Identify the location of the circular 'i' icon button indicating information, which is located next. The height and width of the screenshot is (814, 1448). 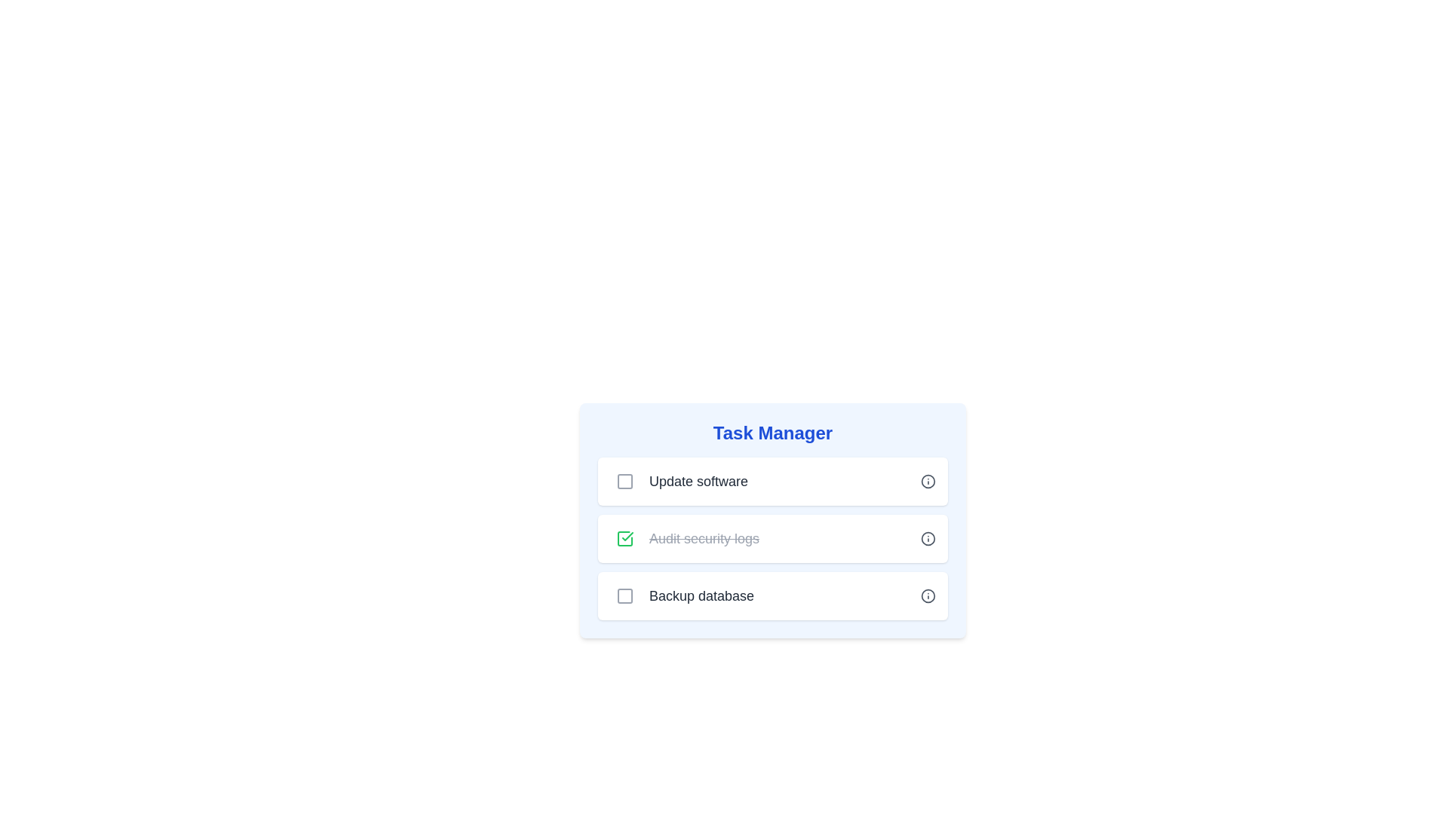
(927, 482).